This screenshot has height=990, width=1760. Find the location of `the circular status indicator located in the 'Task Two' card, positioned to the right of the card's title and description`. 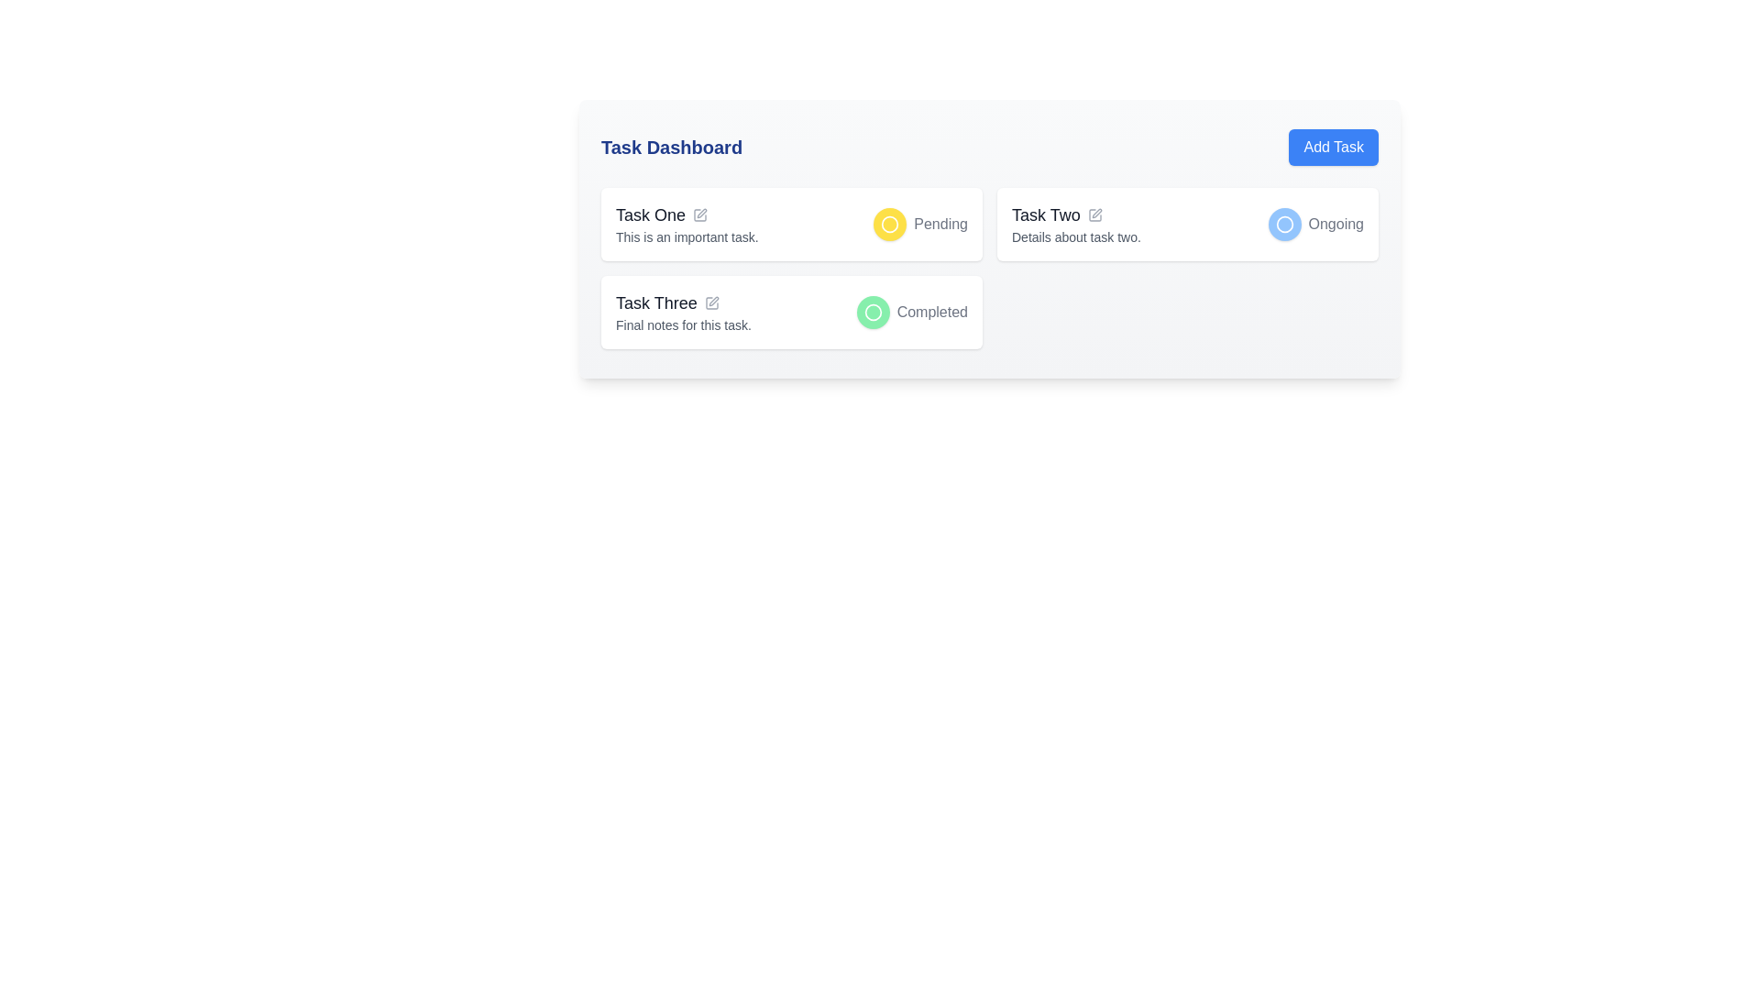

the circular status indicator located in the 'Task Two' card, positioned to the right of the card's title and description is located at coordinates (1283, 224).